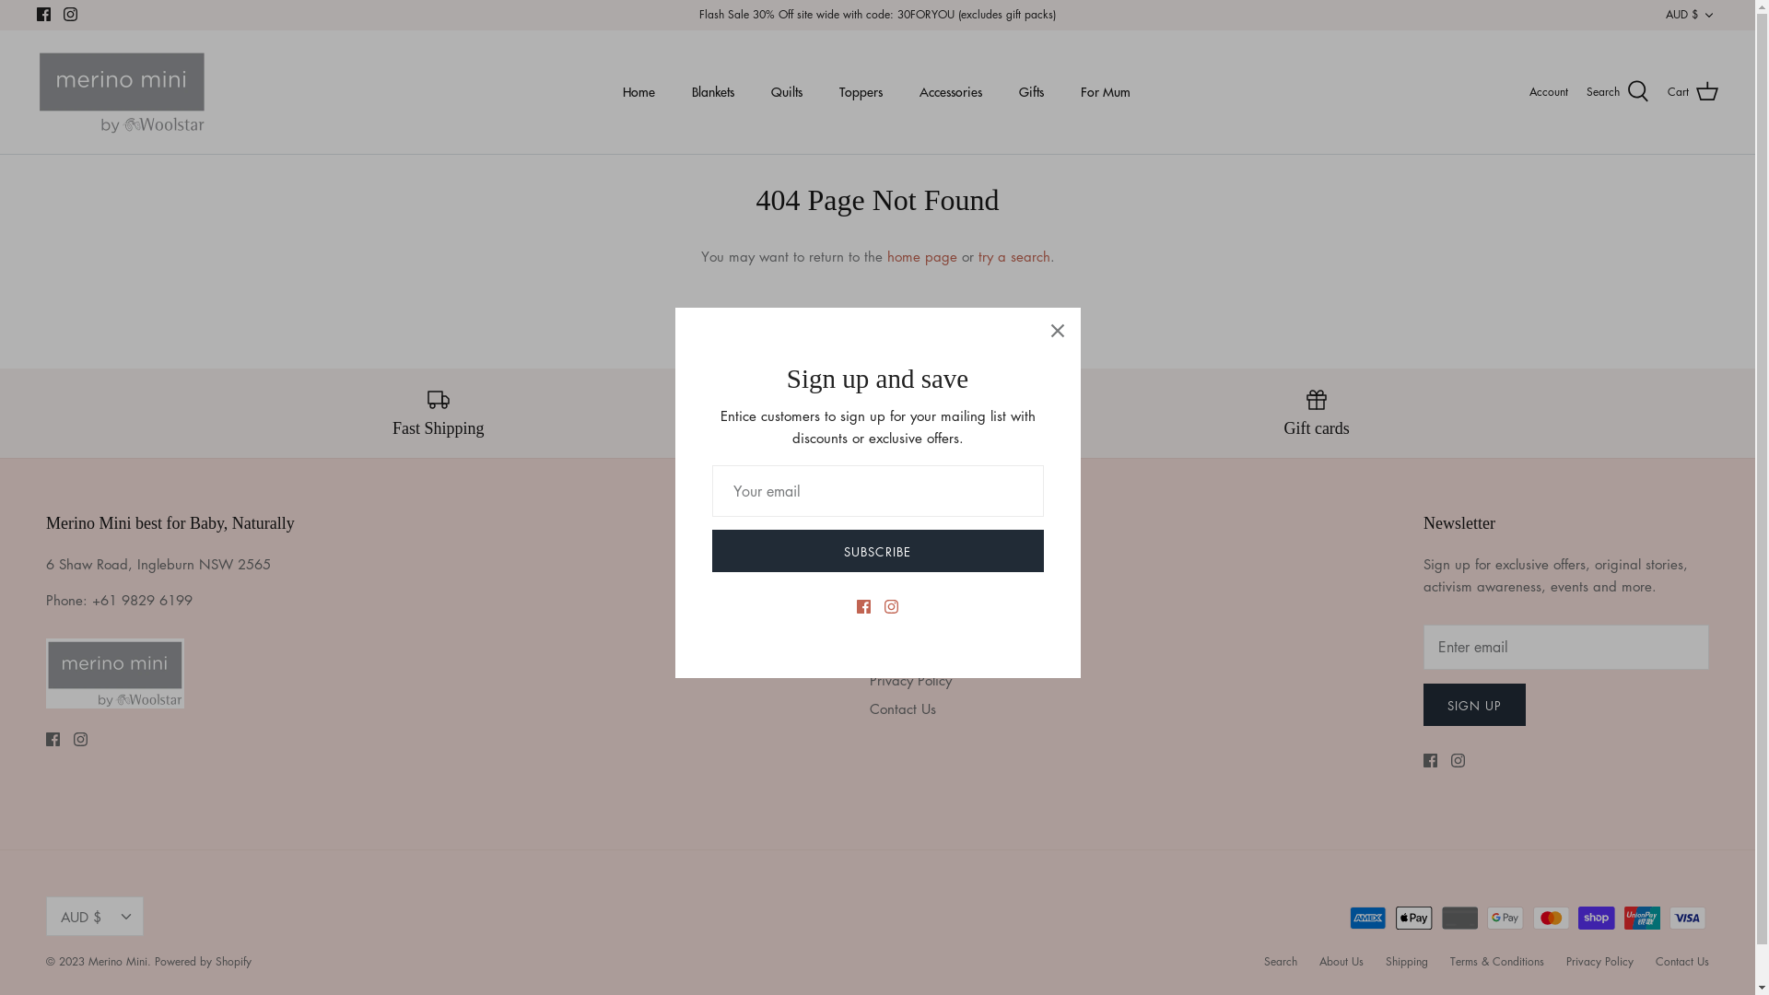 The image size is (1769, 995). I want to click on 'Home', so click(605, 91).